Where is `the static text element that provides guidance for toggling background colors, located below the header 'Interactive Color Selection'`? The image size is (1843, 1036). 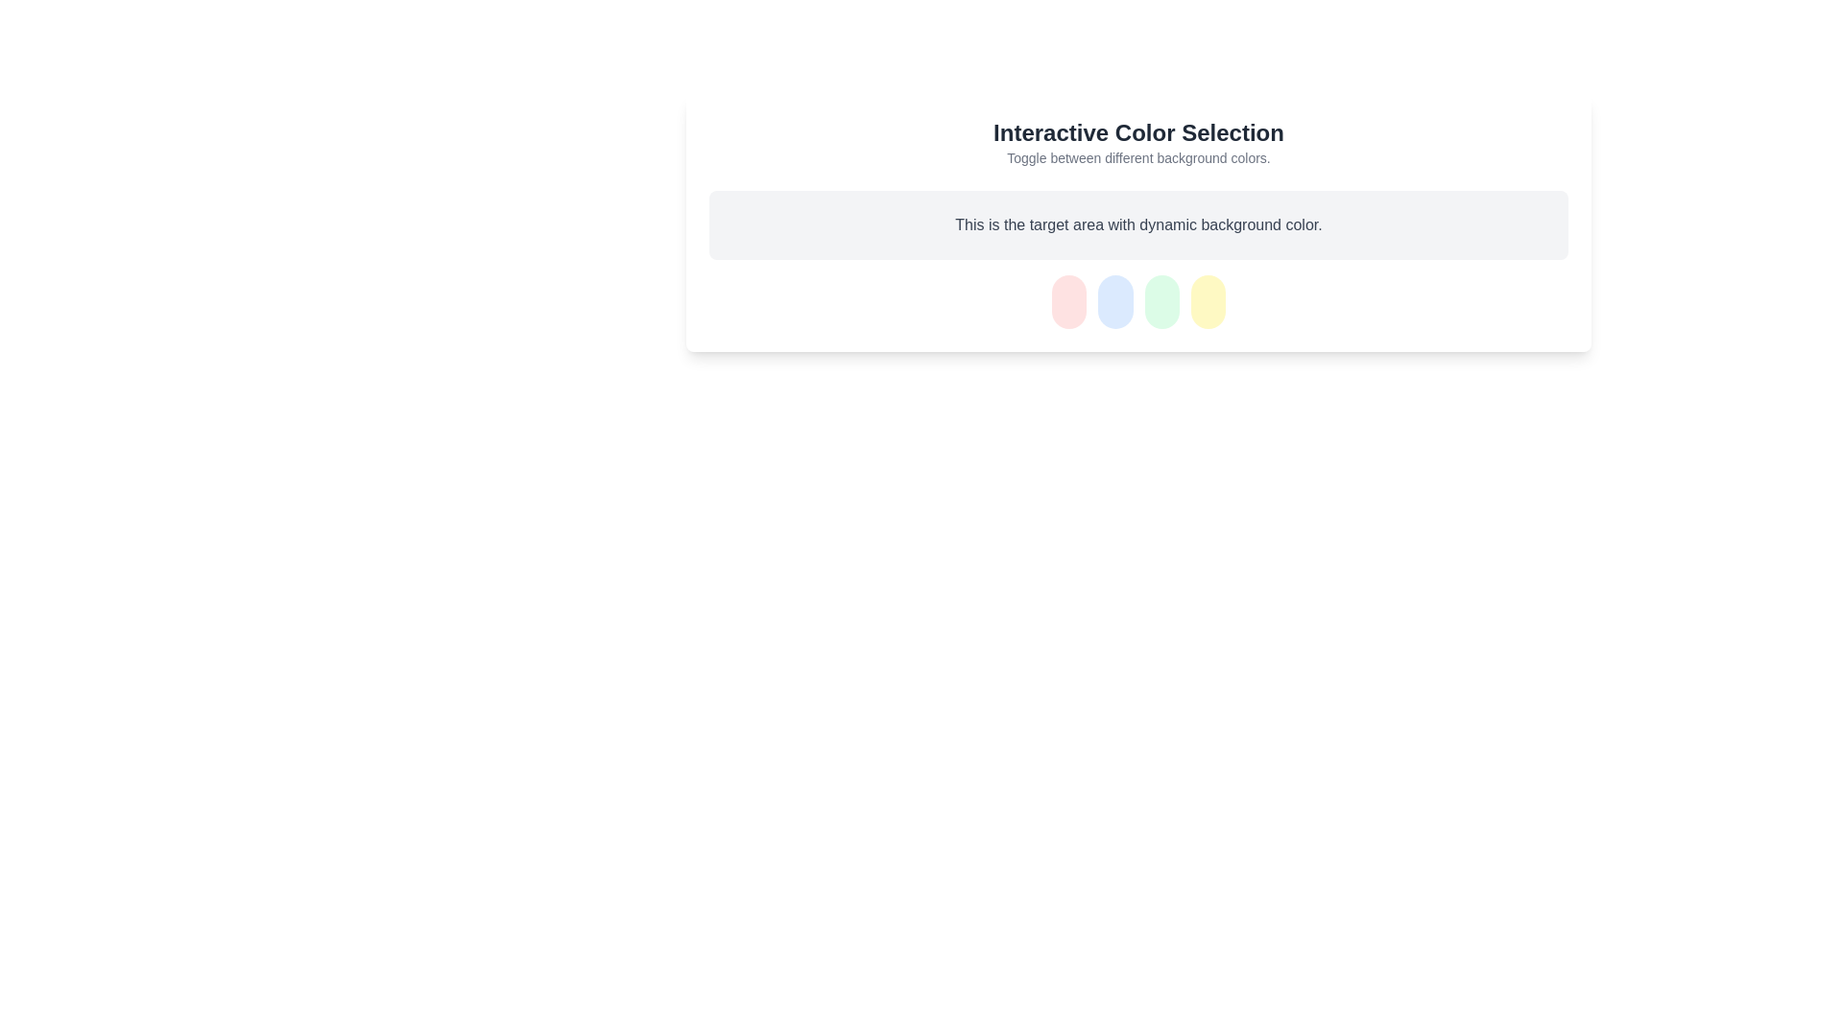 the static text element that provides guidance for toggling background colors, located below the header 'Interactive Color Selection' is located at coordinates (1138, 157).